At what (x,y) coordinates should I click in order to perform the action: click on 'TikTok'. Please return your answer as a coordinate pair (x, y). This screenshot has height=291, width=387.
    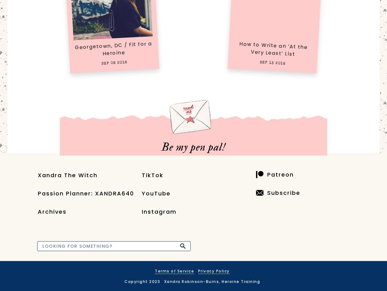
    Looking at the image, I should click on (152, 175).